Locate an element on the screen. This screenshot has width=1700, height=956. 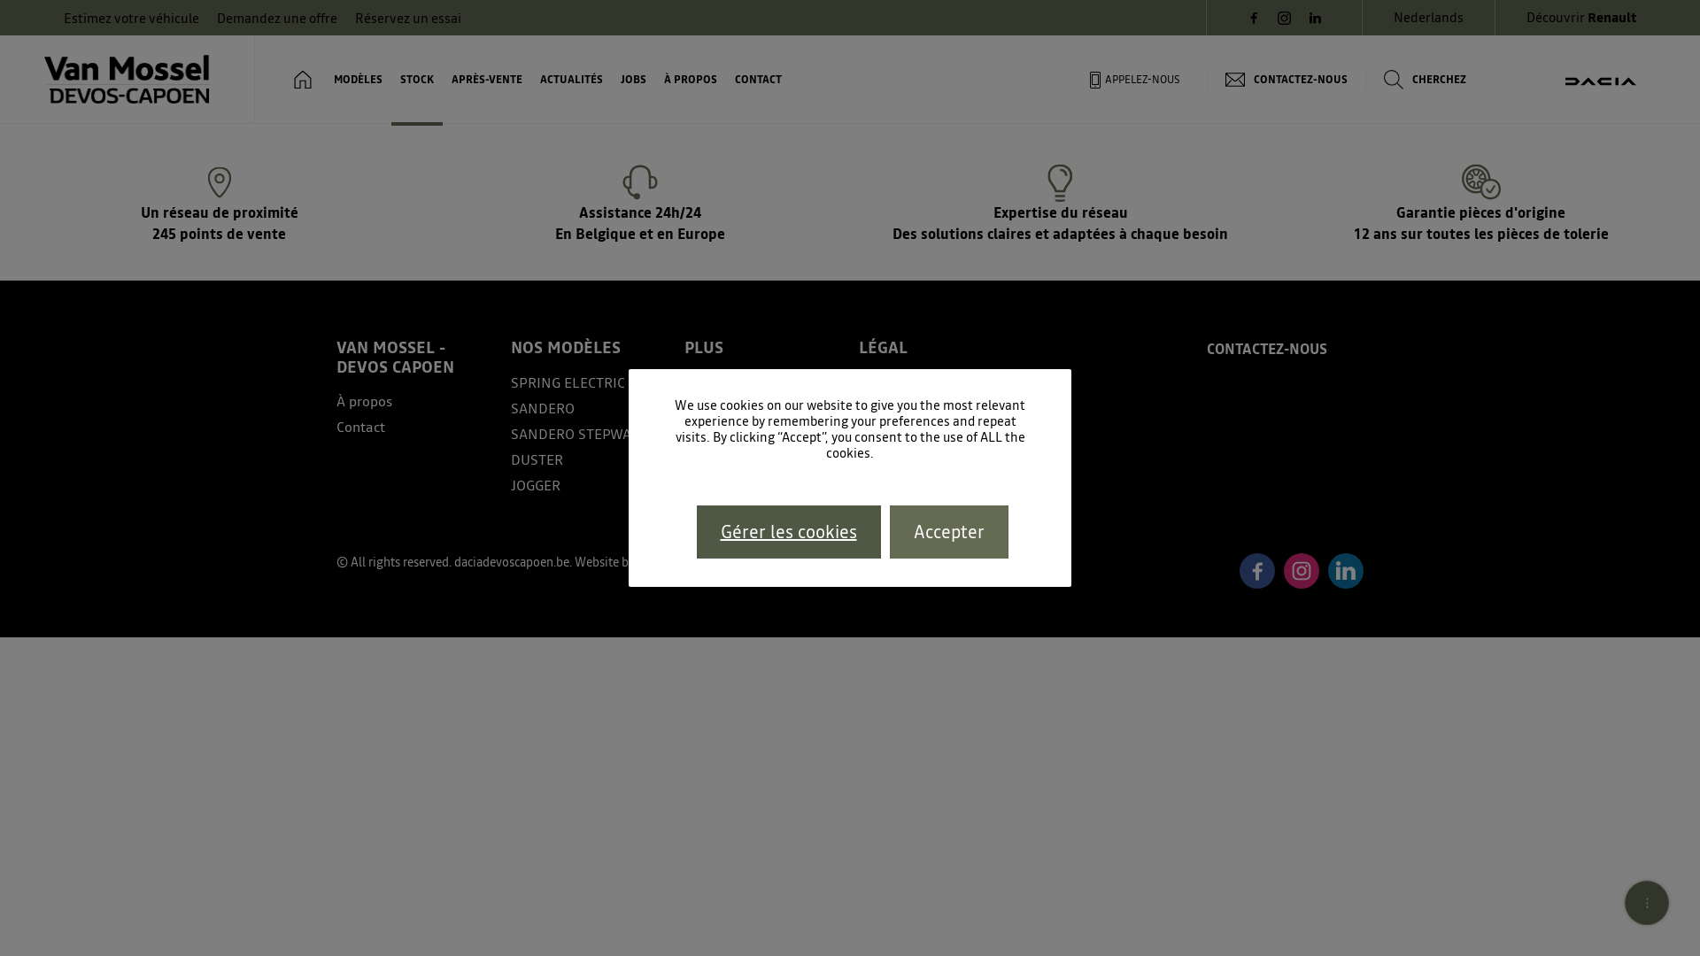
'Accepter' is located at coordinates (947, 531).